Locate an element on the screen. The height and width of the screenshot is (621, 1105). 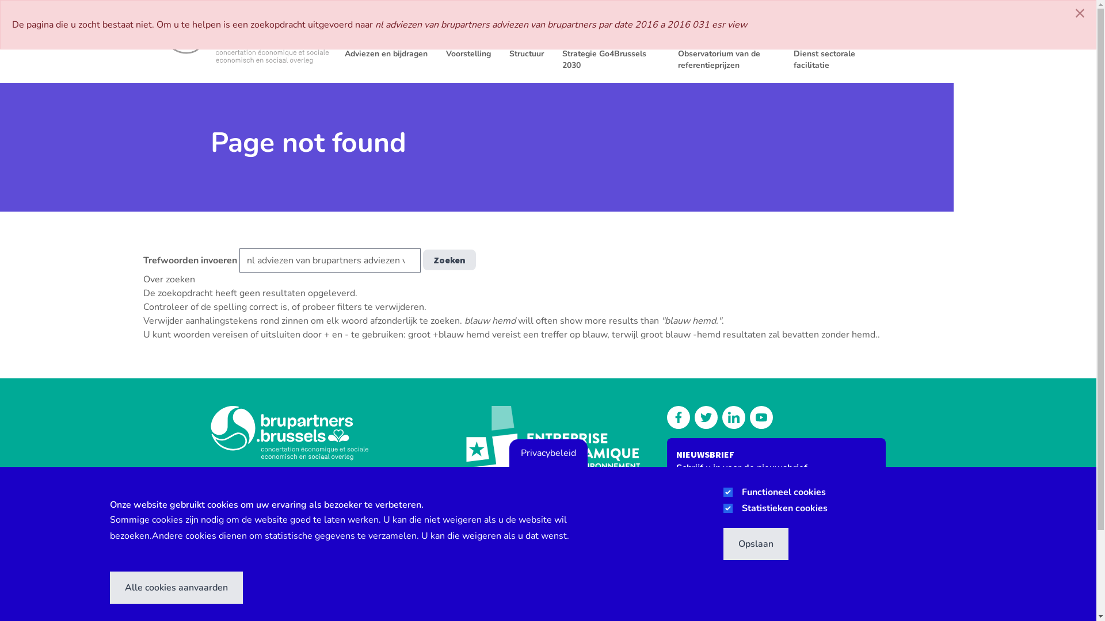
'Discover our Linkedin' is located at coordinates (733, 417).